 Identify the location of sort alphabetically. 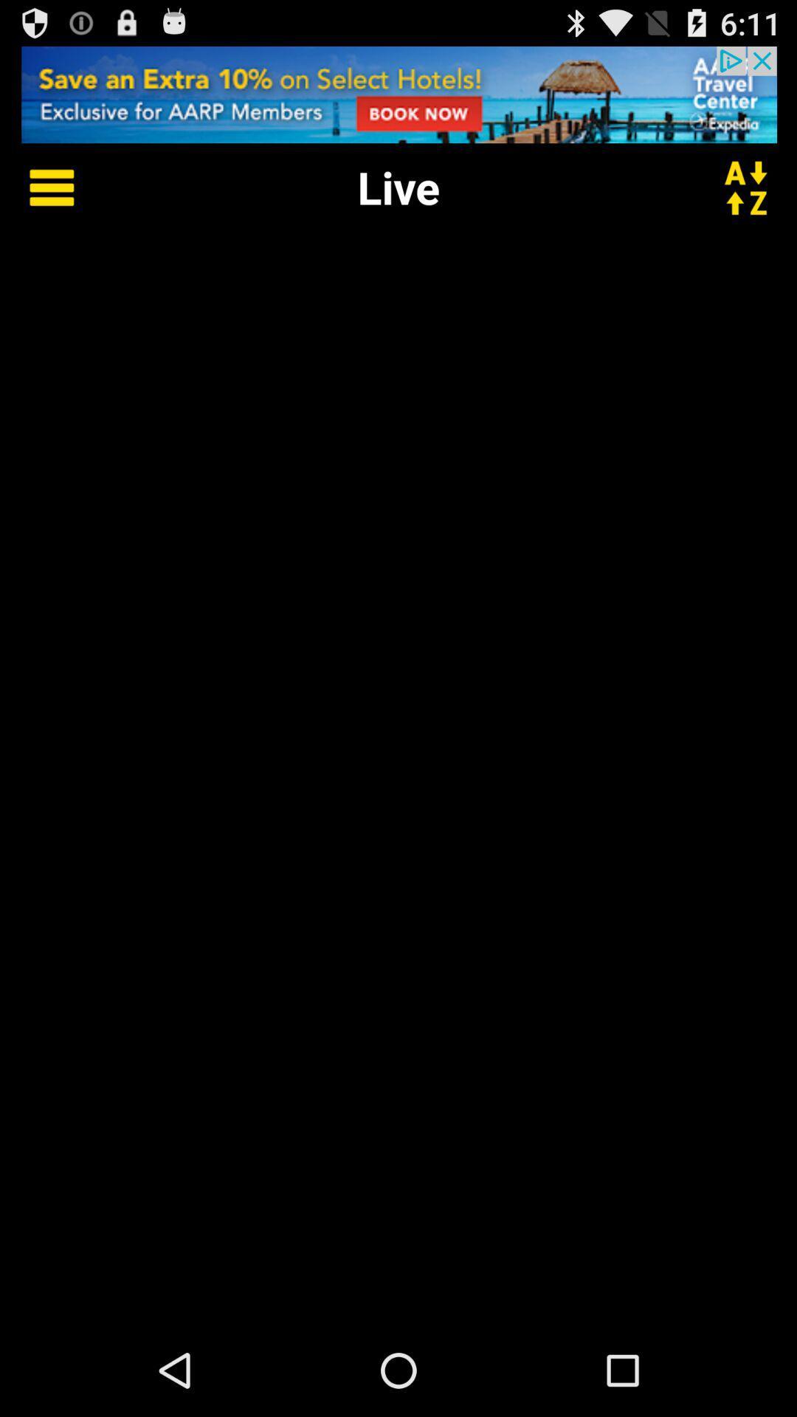
(755, 186).